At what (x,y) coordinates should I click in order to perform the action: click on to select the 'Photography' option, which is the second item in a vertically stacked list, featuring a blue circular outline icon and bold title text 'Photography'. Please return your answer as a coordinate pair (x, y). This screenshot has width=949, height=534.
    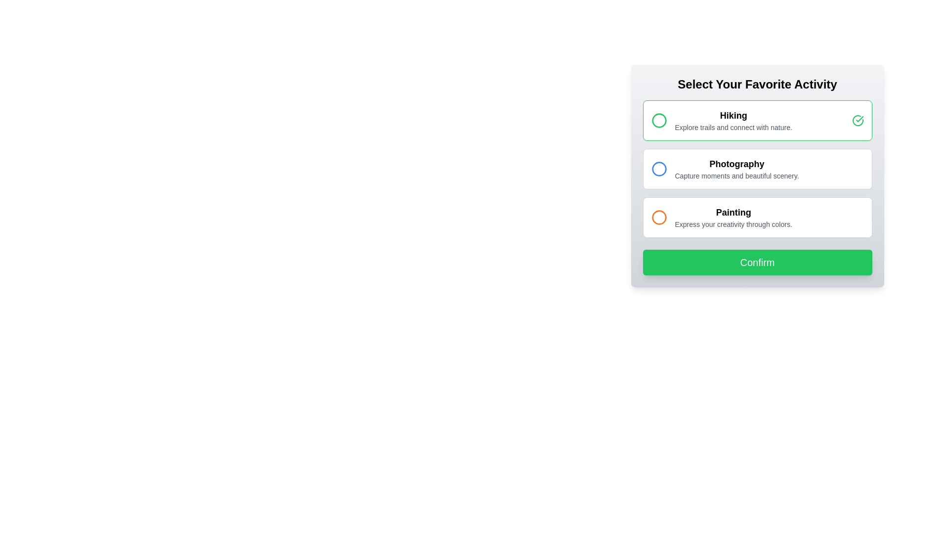
    Looking at the image, I should click on (725, 169).